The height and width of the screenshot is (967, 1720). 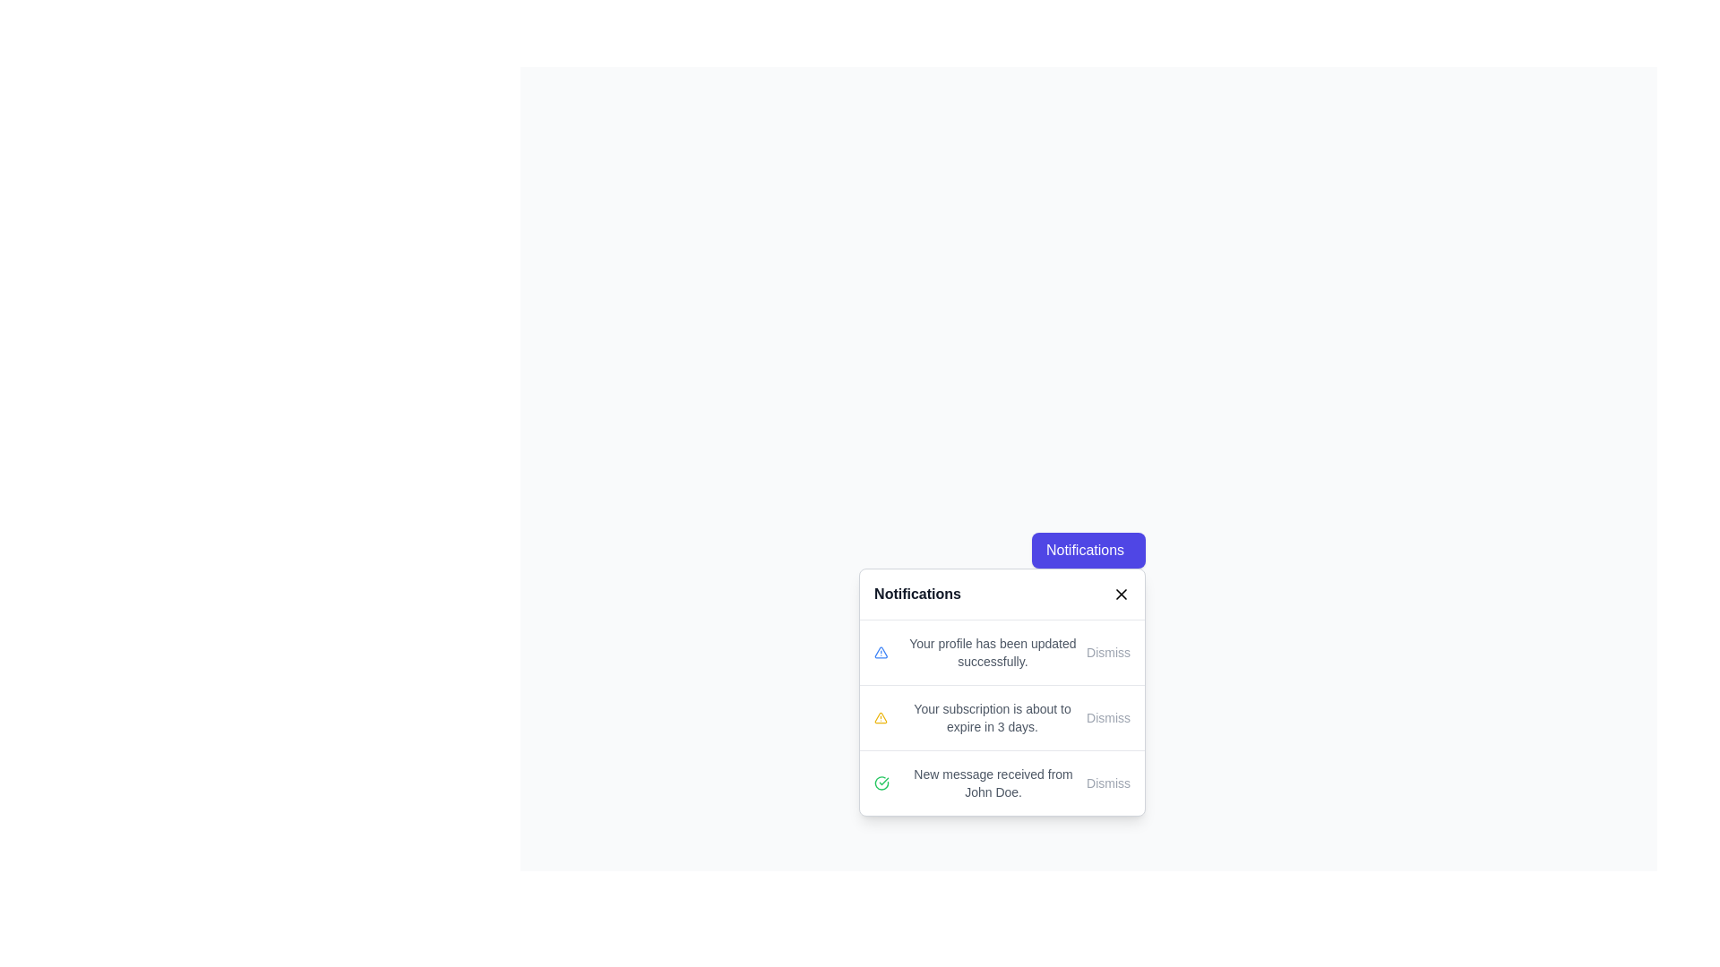 What do you see at coordinates (1121, 594) in the screenshot?
I see `the dismiss or close button located in the top-right corner of the notification popup` at bounding box center [1121, 594].